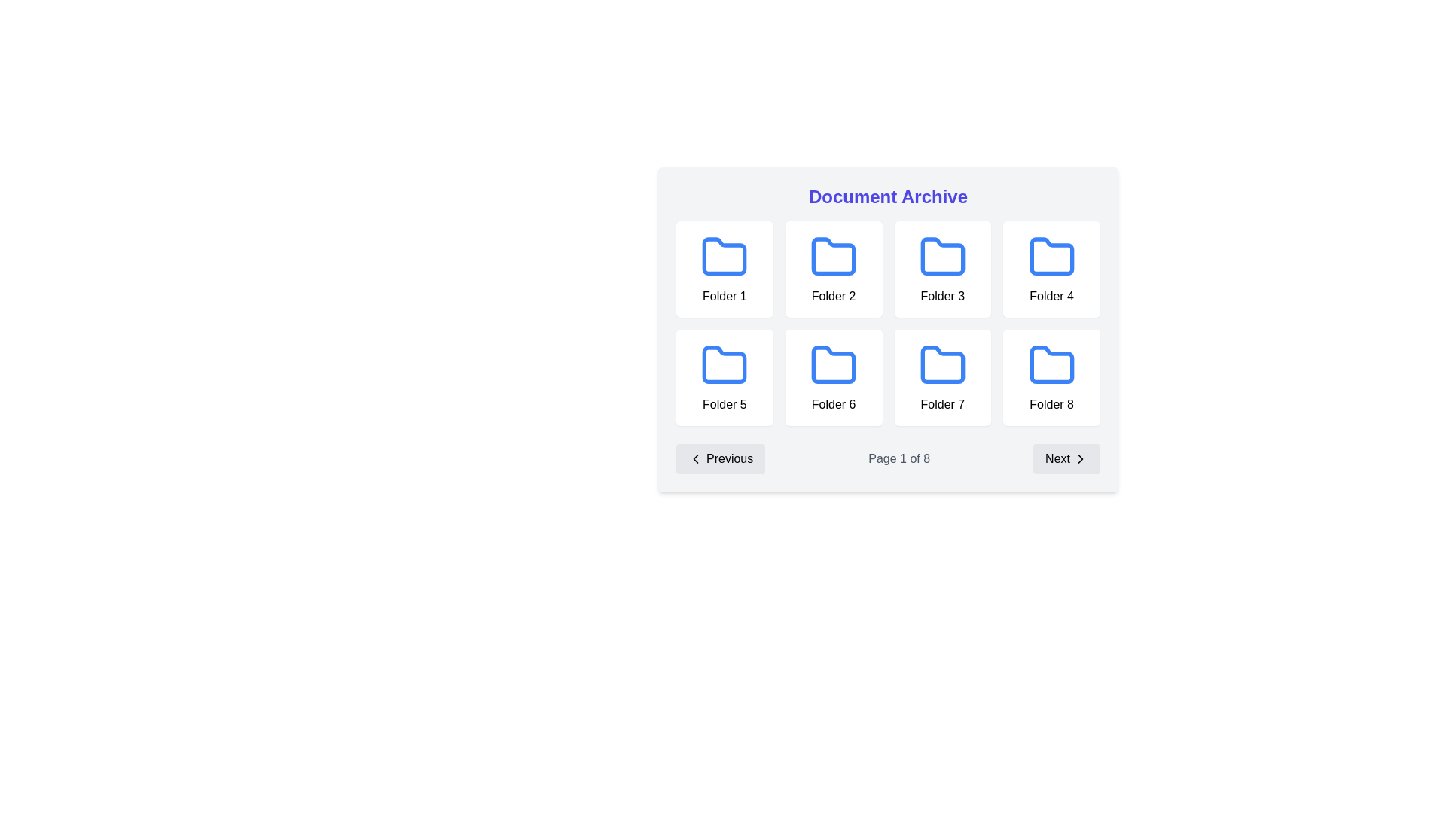  Describe the element at coordinates (1051, 403) in the screenshot. I see `the text label that serves as the name or purpose of the folder-like item, located as the last item` at that location.